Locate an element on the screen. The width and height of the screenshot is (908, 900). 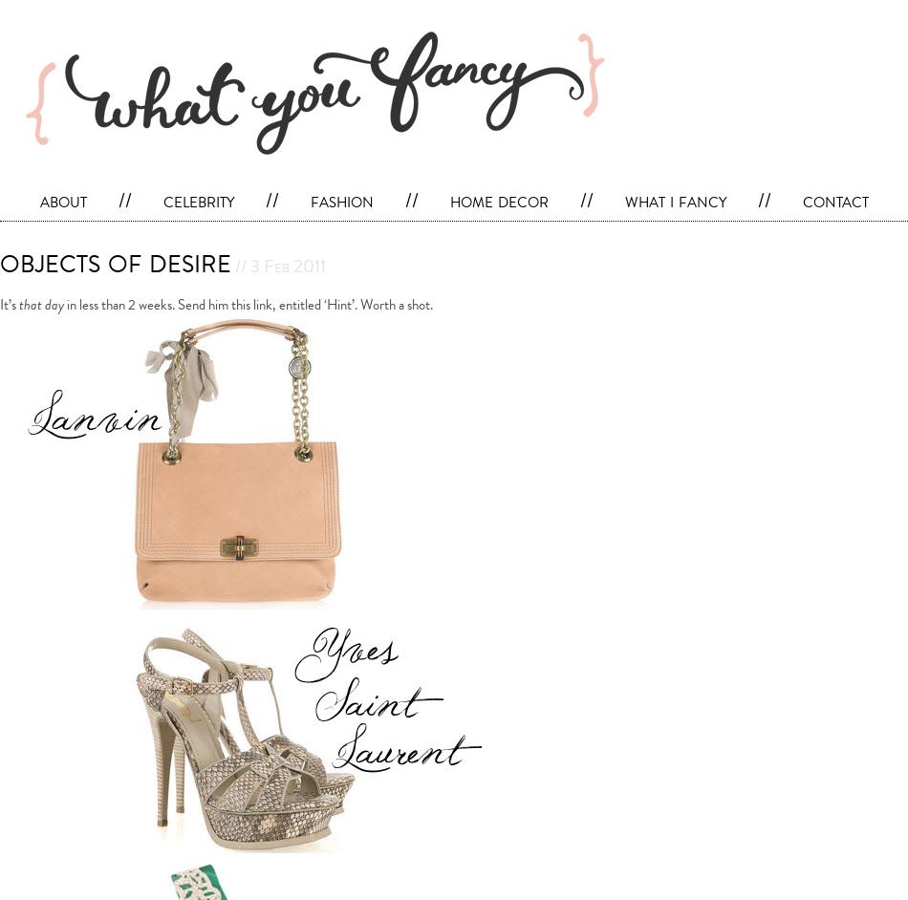
'what i fancy' is located at coordinates (675, 200).